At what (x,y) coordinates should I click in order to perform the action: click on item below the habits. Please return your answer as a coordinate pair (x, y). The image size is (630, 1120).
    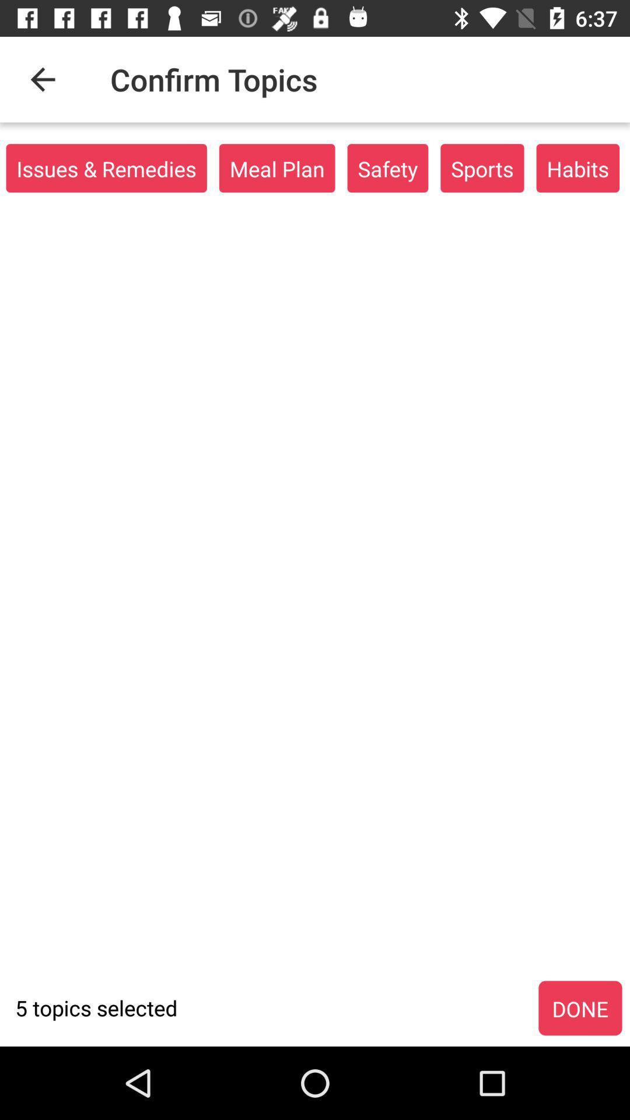
    Looking at the image, I should click on (580, 1008).